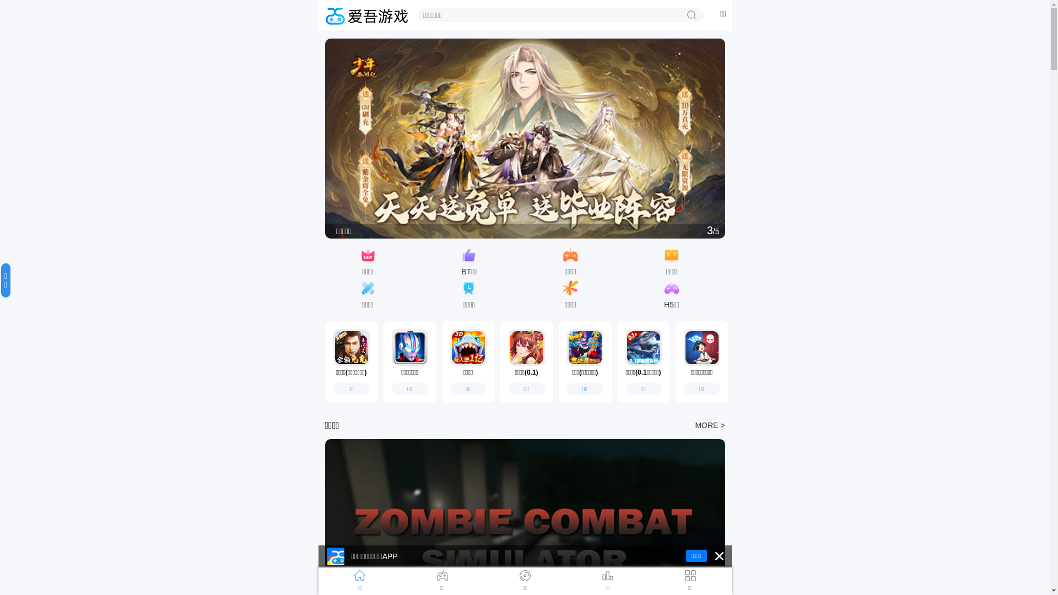 This screenshot has height=595, width=1058. What do you see at coordinates (709, 424) in the screenshot?
I see `'MORE >'` at bounding box center [709, 424].